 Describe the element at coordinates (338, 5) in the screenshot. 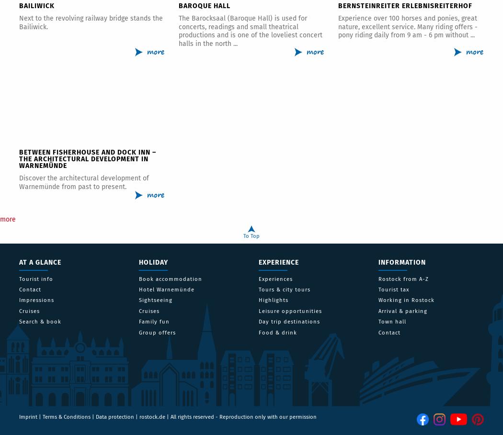

I see `'Bernsteinreiter Erlebnisreiterhof'` at that location.